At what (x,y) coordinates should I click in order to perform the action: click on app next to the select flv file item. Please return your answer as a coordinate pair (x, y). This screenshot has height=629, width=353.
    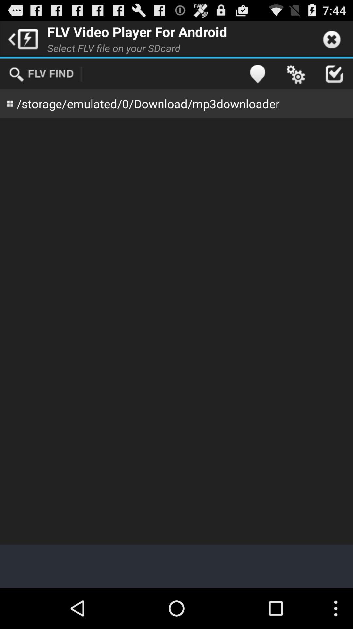
    Looking at the image, I should click on (257, 74).